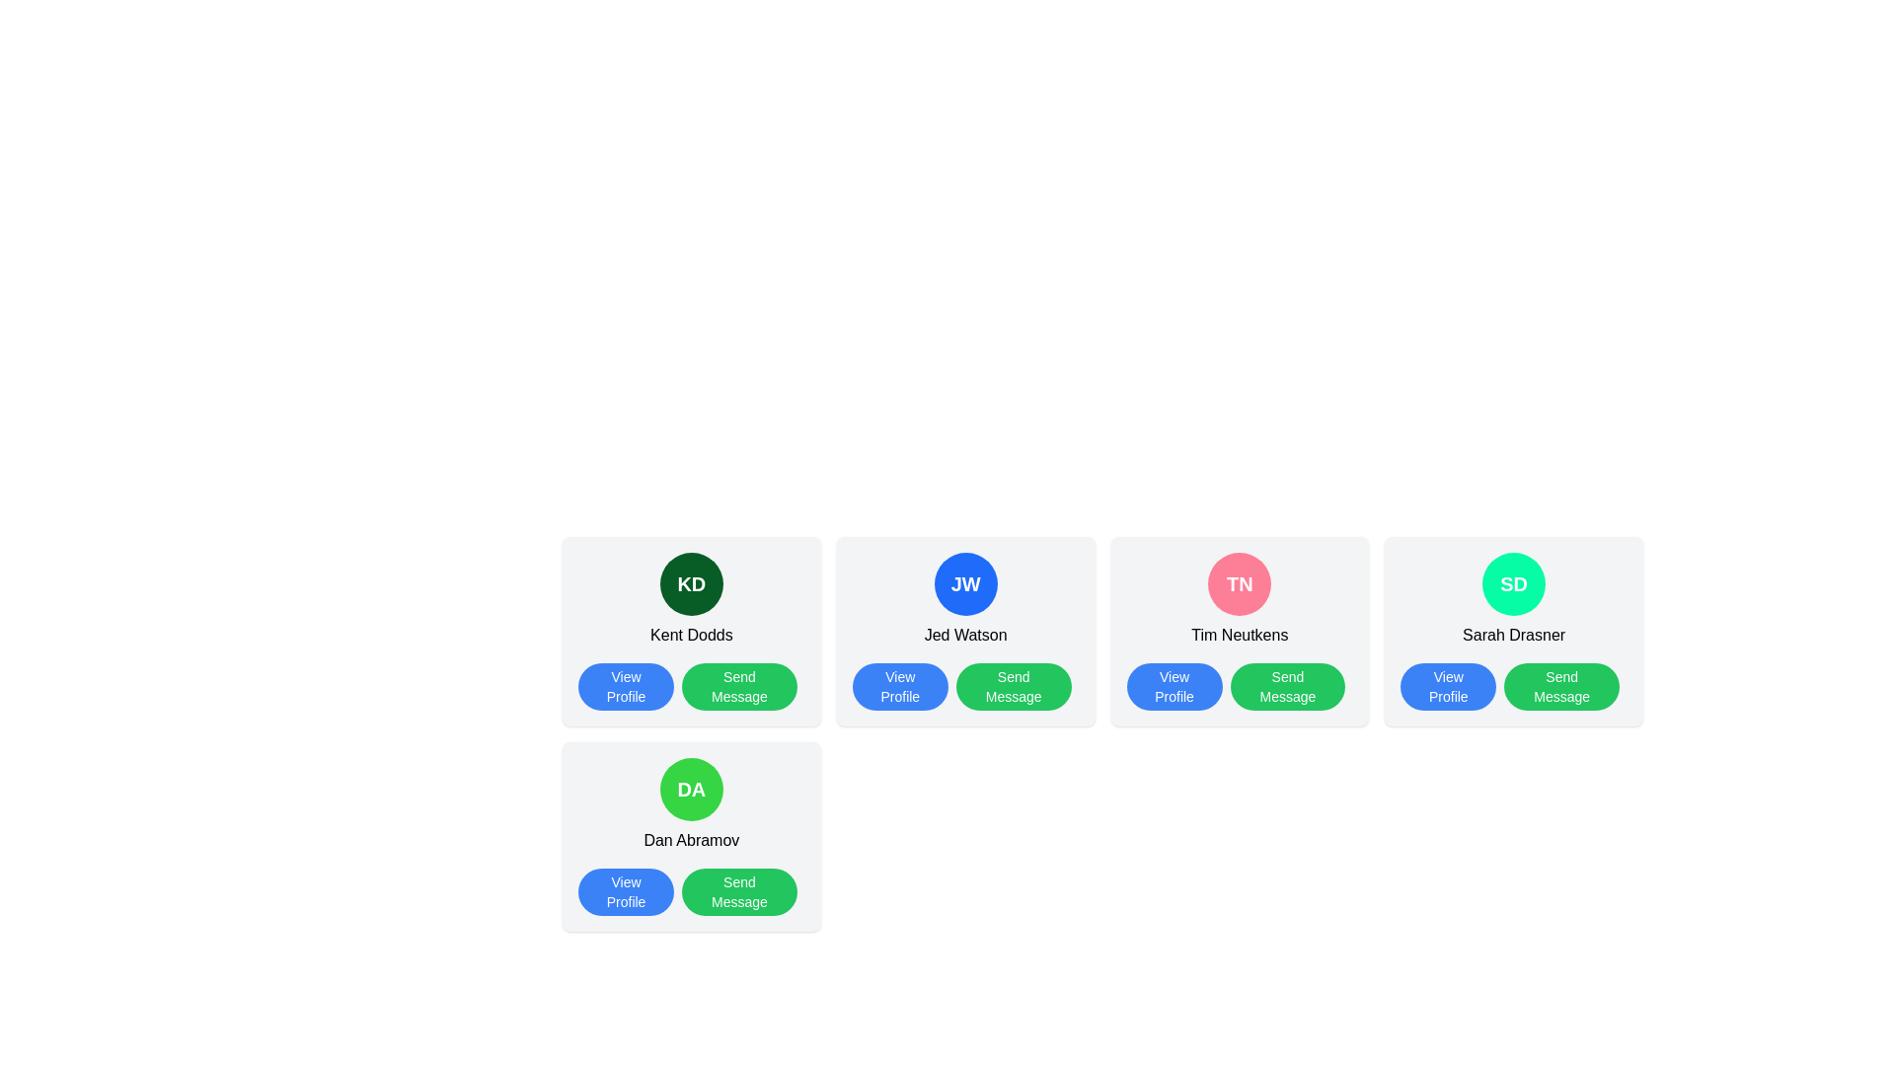  Describe the element at coordinates (691, 788) in the screenshot. I see `the text label that serves as an identifier for a user profile, located in the lower row among a grid of user profile cards` at that location.